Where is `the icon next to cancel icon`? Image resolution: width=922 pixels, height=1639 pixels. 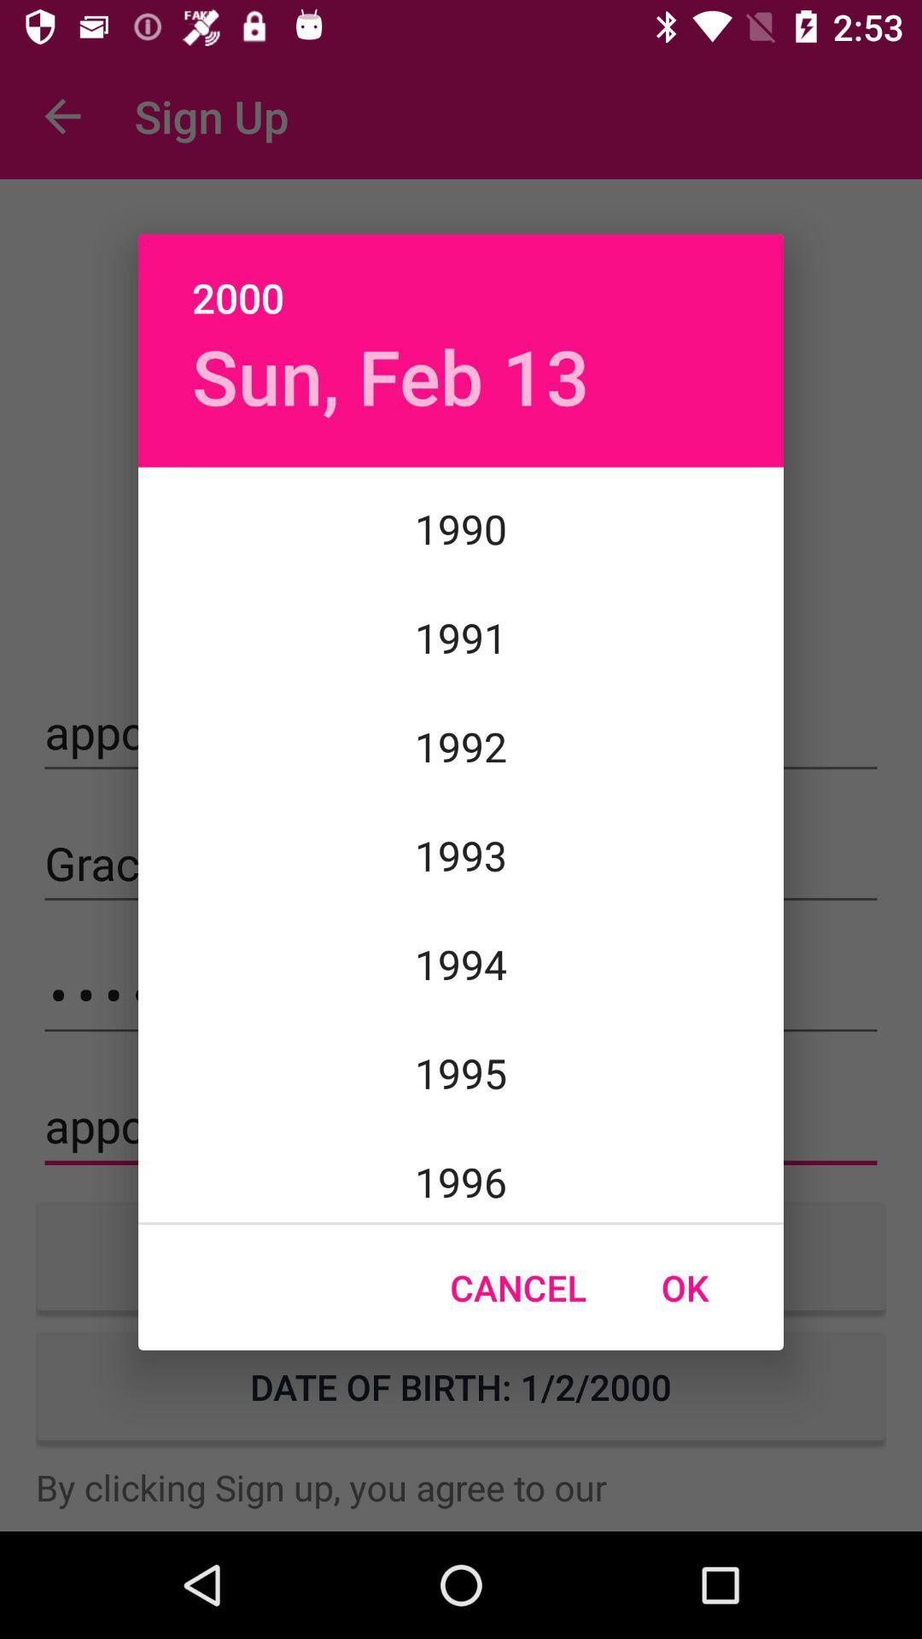
the icon next to cancel icon is located at coordinates (684, 1287).